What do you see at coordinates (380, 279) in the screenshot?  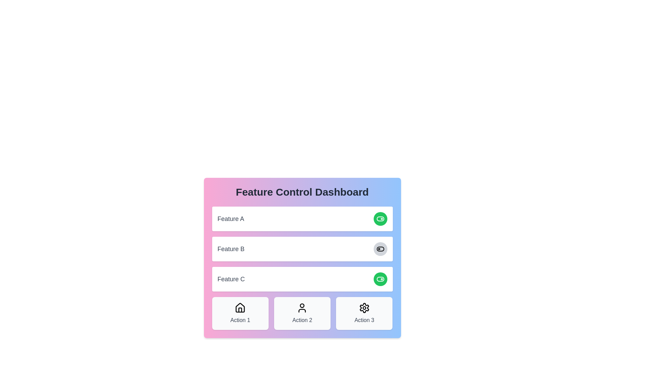 I see `the green circular toggle switch next to 'Feature C'` at bounding box center [380, 279].